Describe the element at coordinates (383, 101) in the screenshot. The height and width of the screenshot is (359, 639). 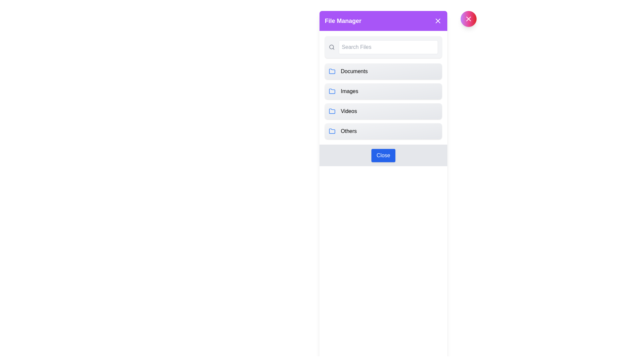
I see `the second navigational option in the 'File Manager' modal` at that location.